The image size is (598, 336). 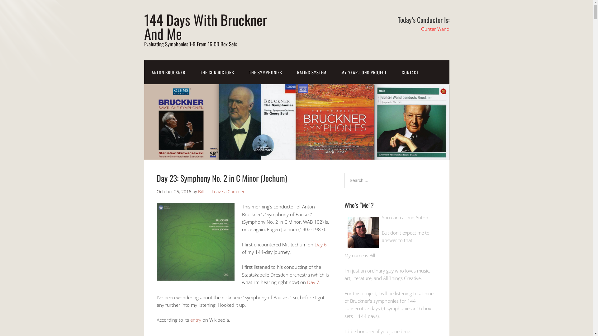 What do you see at coordinates (229, 191) in the screenshot?
I see `'Leave a Comment'` at bounding box center [229, 191].